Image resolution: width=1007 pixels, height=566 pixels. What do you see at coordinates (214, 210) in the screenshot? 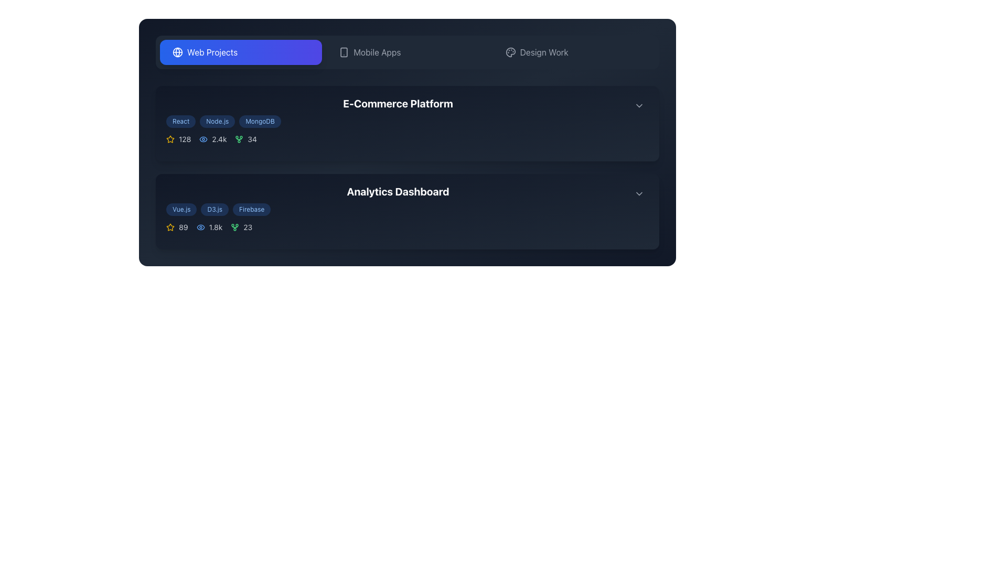
I see `the 'D3.js' label element, which signifies a related technology for the 'Analytics Dashboard' project and is positioned between the 'Vue.js' and 'Firebase' badges` at bounding box center [214, 210].